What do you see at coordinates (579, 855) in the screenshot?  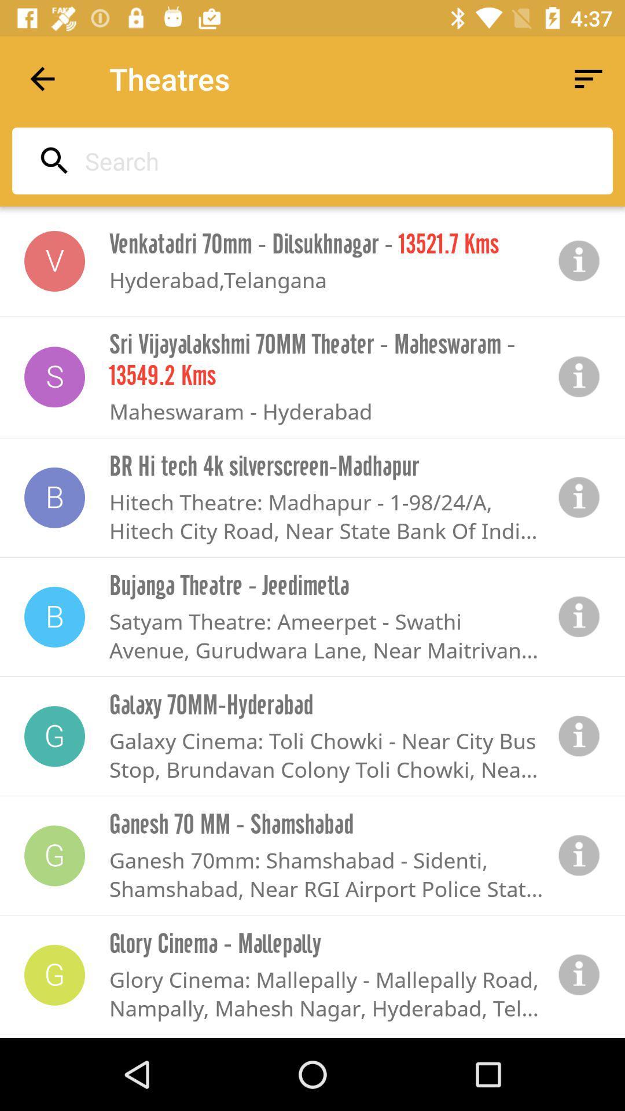 I see `information` at bounding box center [579, 855].